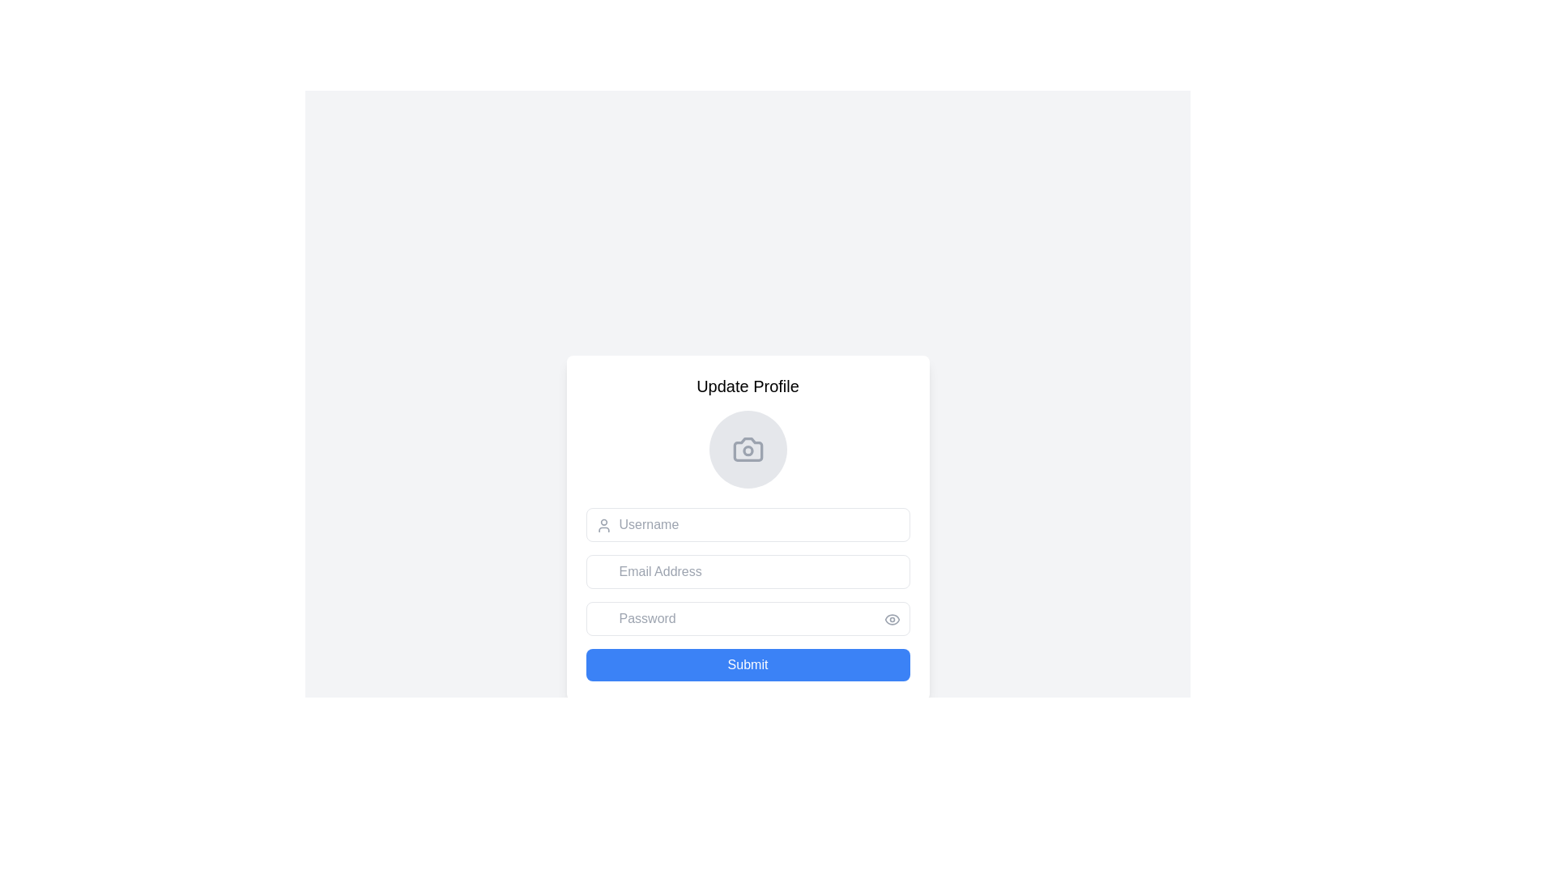 The width and height of the screenshot is (1555, 875). What do you see at coordinates (891, 619) in the screenshot?
I see `the decorative eye icon component that signifies a visibility toggle for passwords, located near the password input field` at bounding box center [891, 619].